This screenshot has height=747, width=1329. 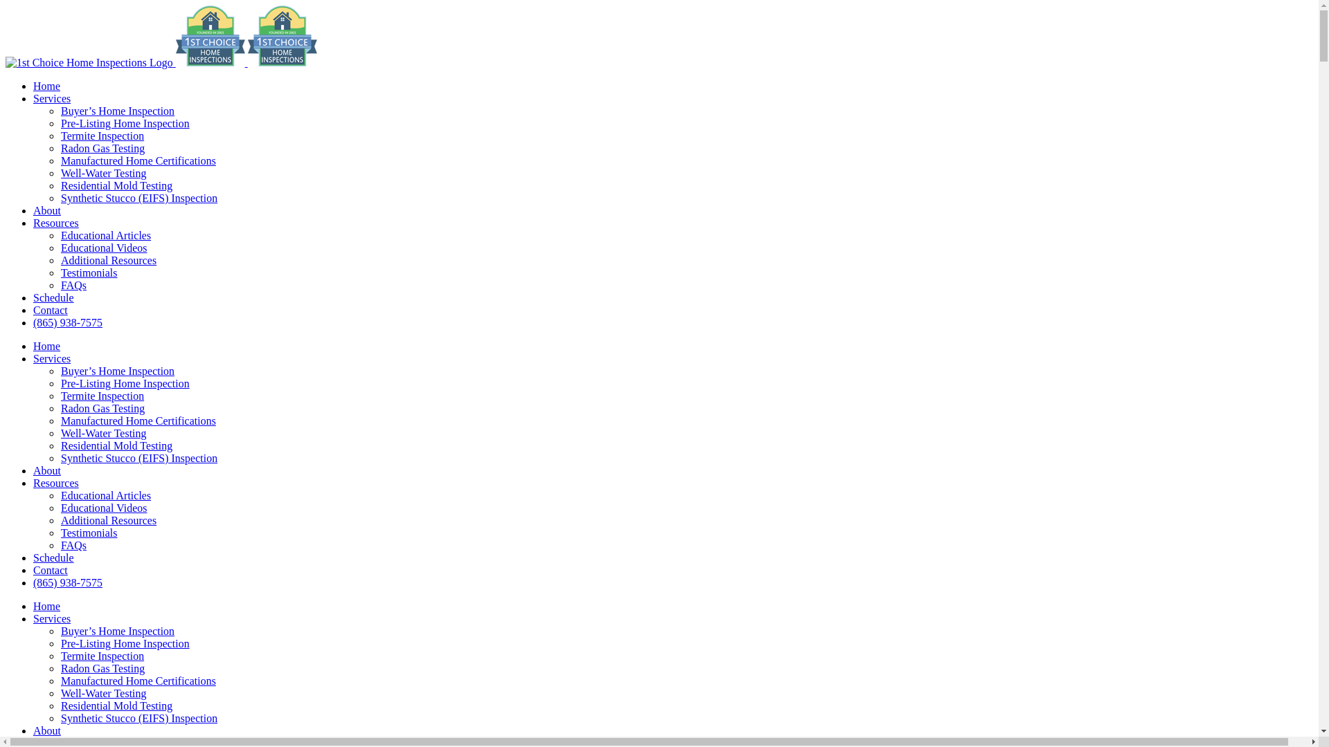 What do you see at coordinates (60, 122) in the screenshot?
I see `'Pre-Listing Home Inspection'` at bounding box center [60, 122].